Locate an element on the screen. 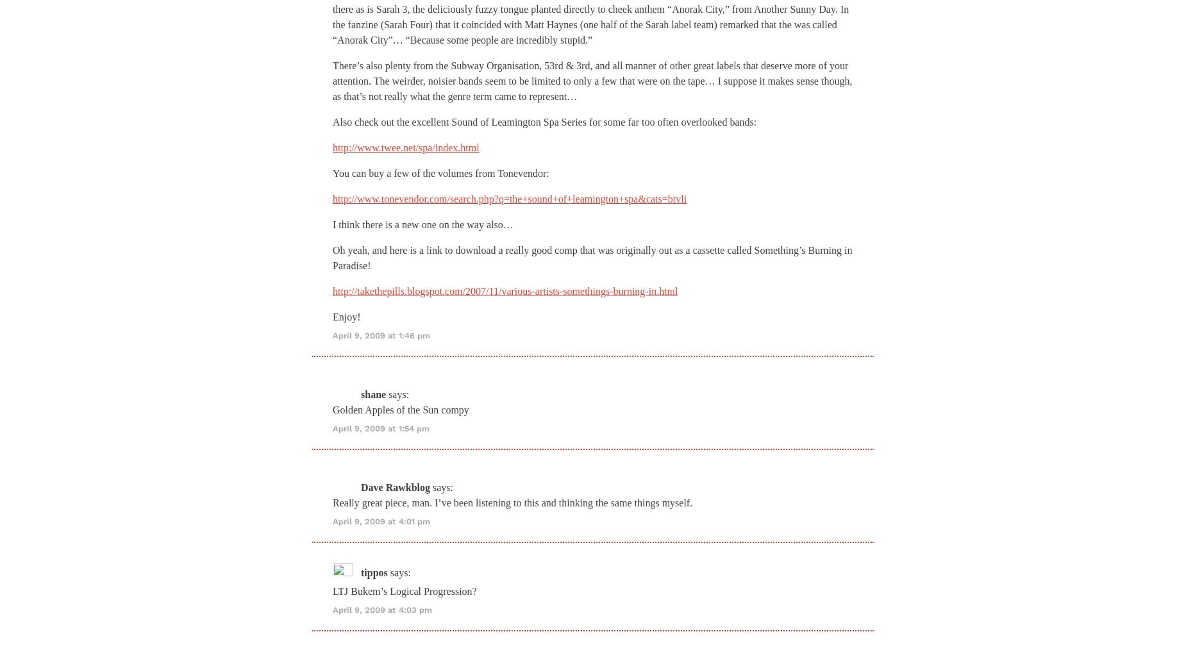 The height and width of the screenshot is (650, 1186). 'Also check out the excellent Sound of Leamington Spa Series for some far too often overlooked bands:' is located at coordinates (332, 121).